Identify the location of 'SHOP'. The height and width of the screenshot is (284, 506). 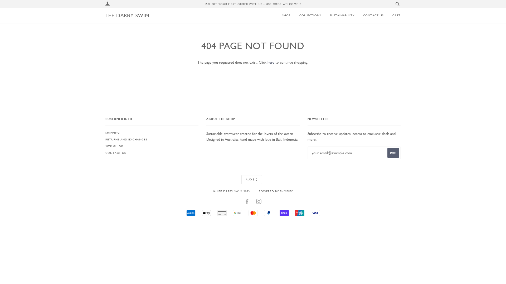
(285, 15).